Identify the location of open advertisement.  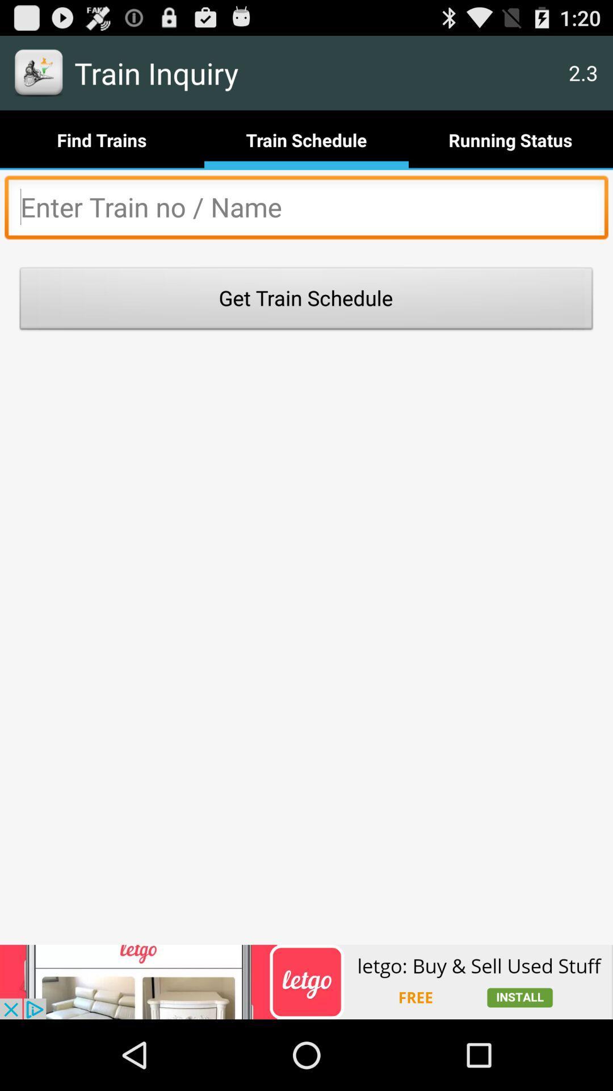
(306, 981).